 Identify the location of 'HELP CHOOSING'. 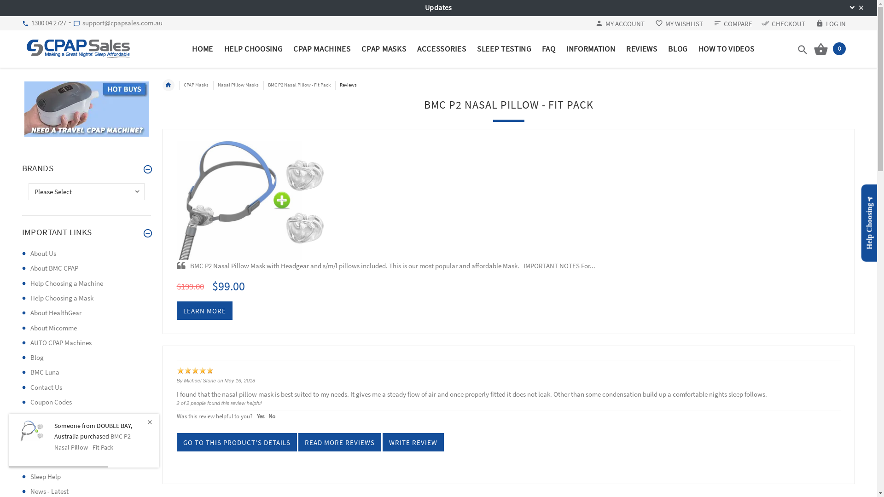
(253, 49).